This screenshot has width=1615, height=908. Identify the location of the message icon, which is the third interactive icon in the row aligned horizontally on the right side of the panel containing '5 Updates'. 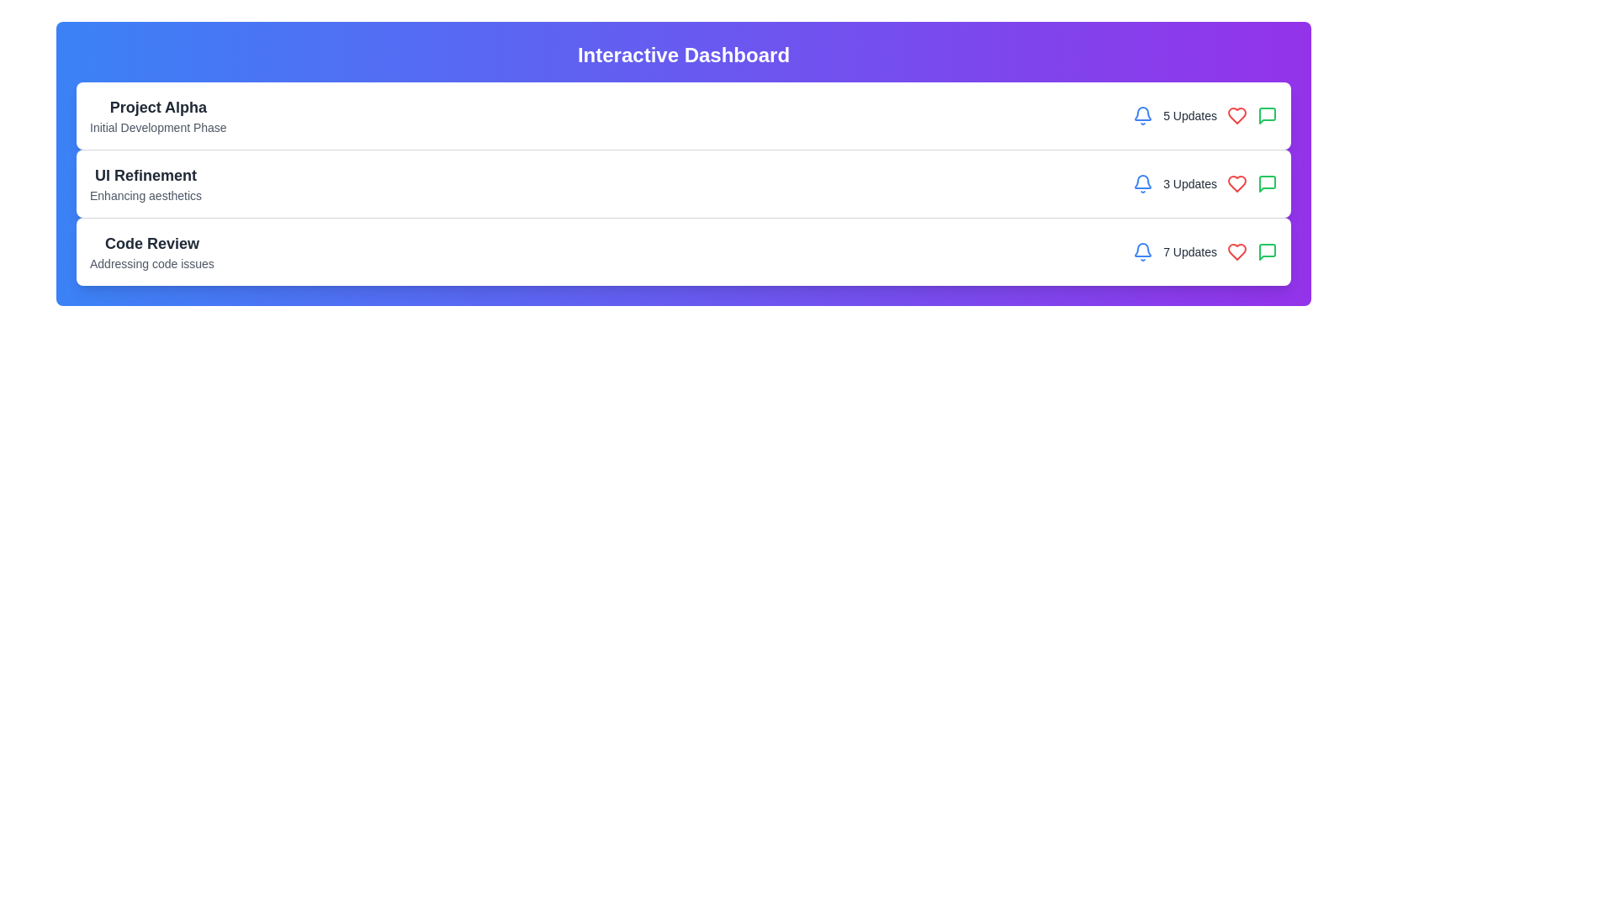
(1268, 115).